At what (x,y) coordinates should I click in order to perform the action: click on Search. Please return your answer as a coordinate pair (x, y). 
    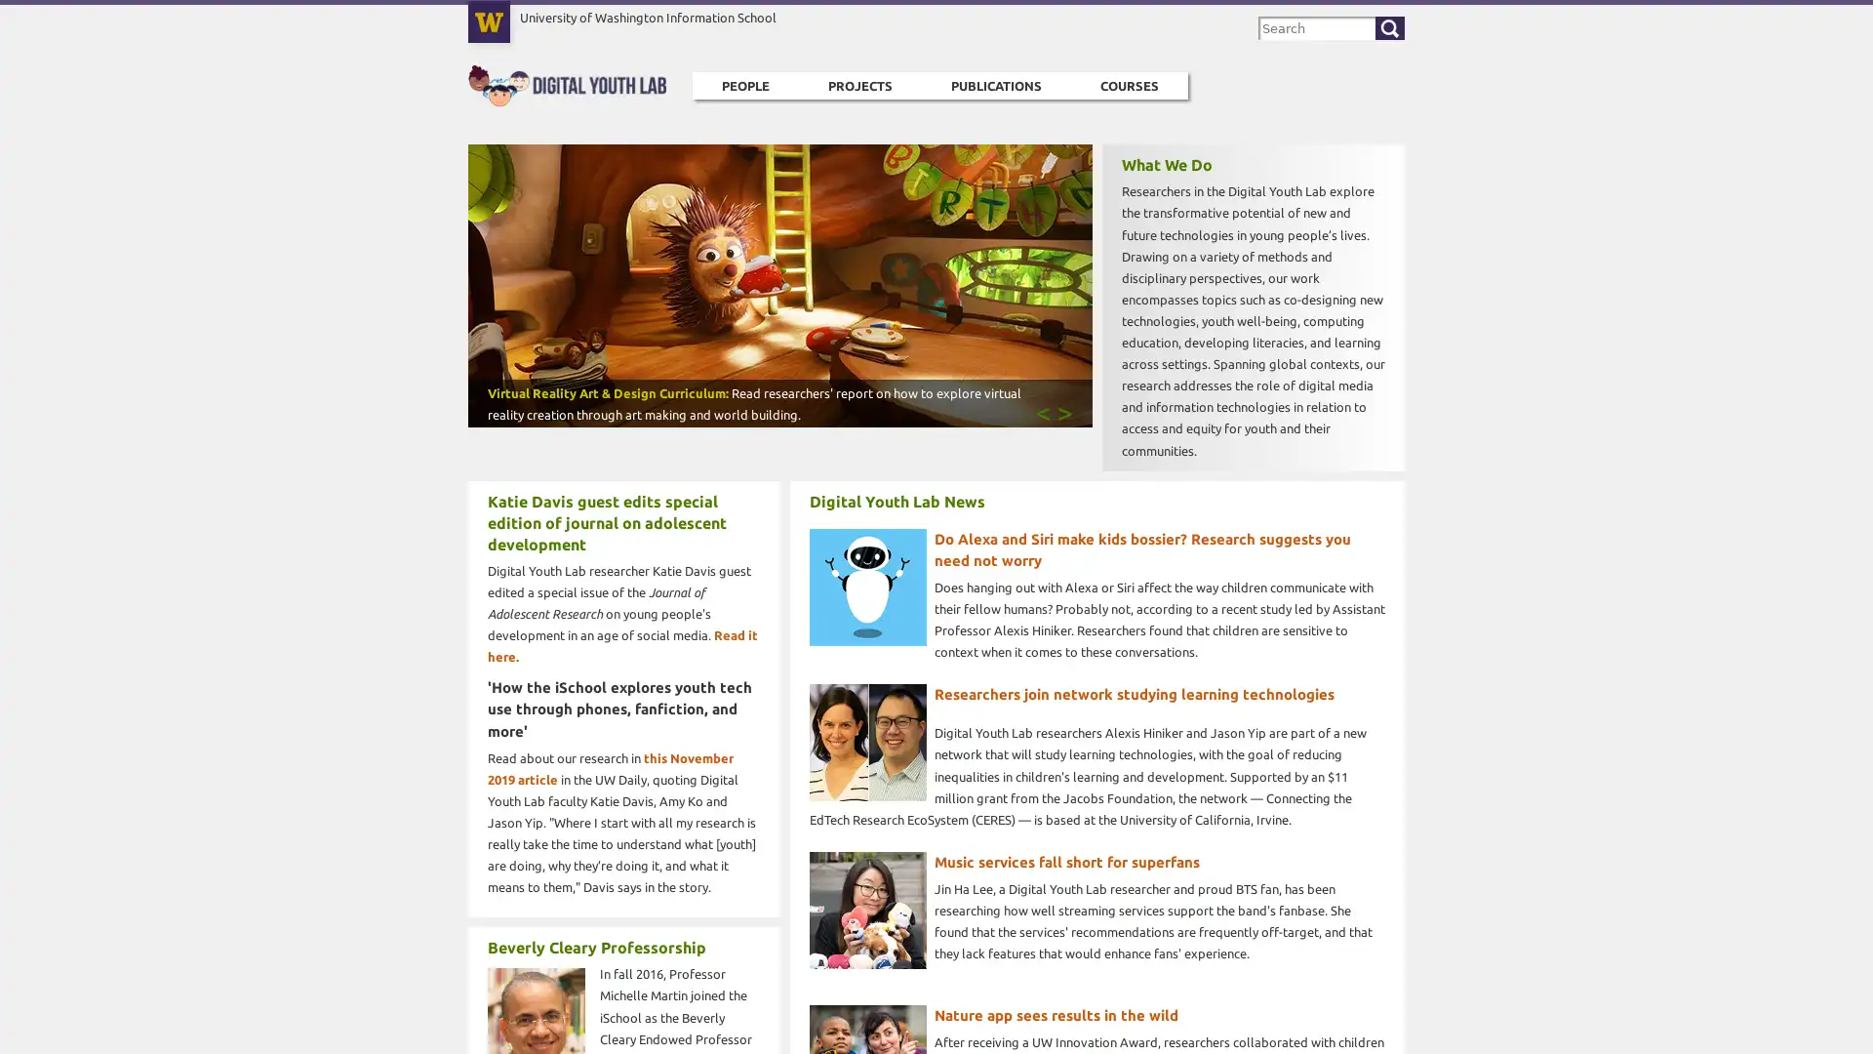
    Looking at the image, I should click on (1389, 28).